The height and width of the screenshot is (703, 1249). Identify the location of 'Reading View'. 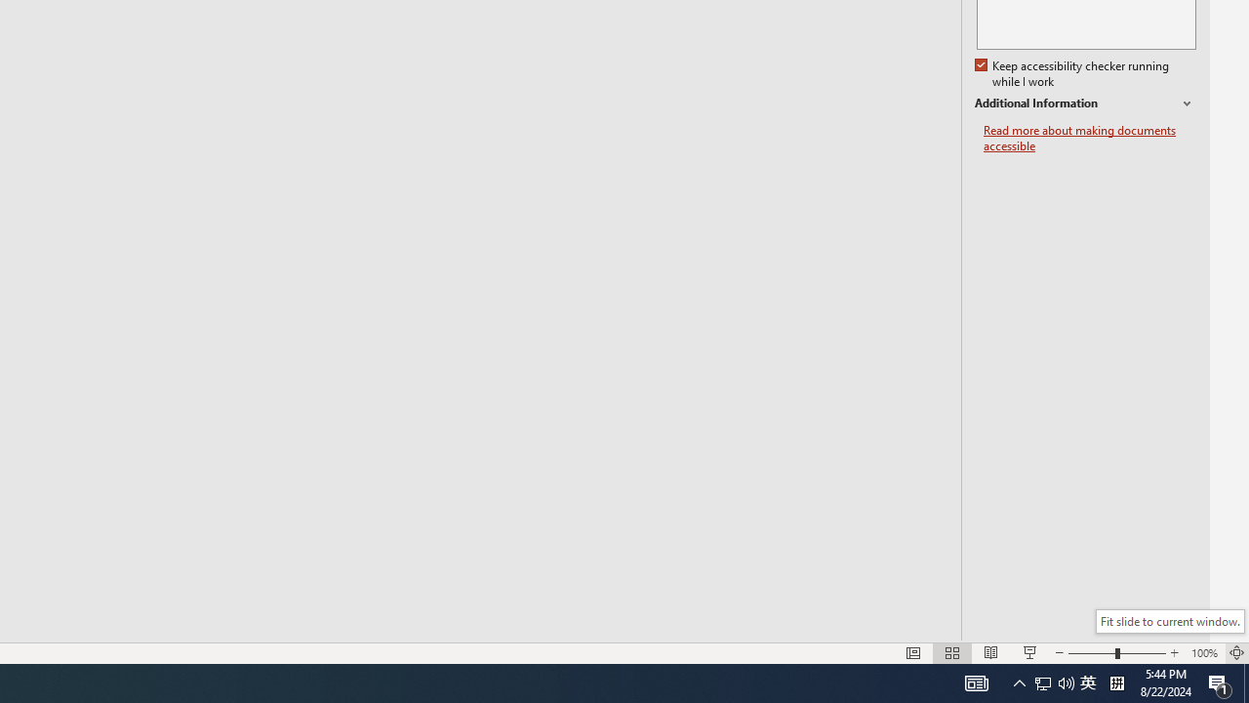
(990, 653).